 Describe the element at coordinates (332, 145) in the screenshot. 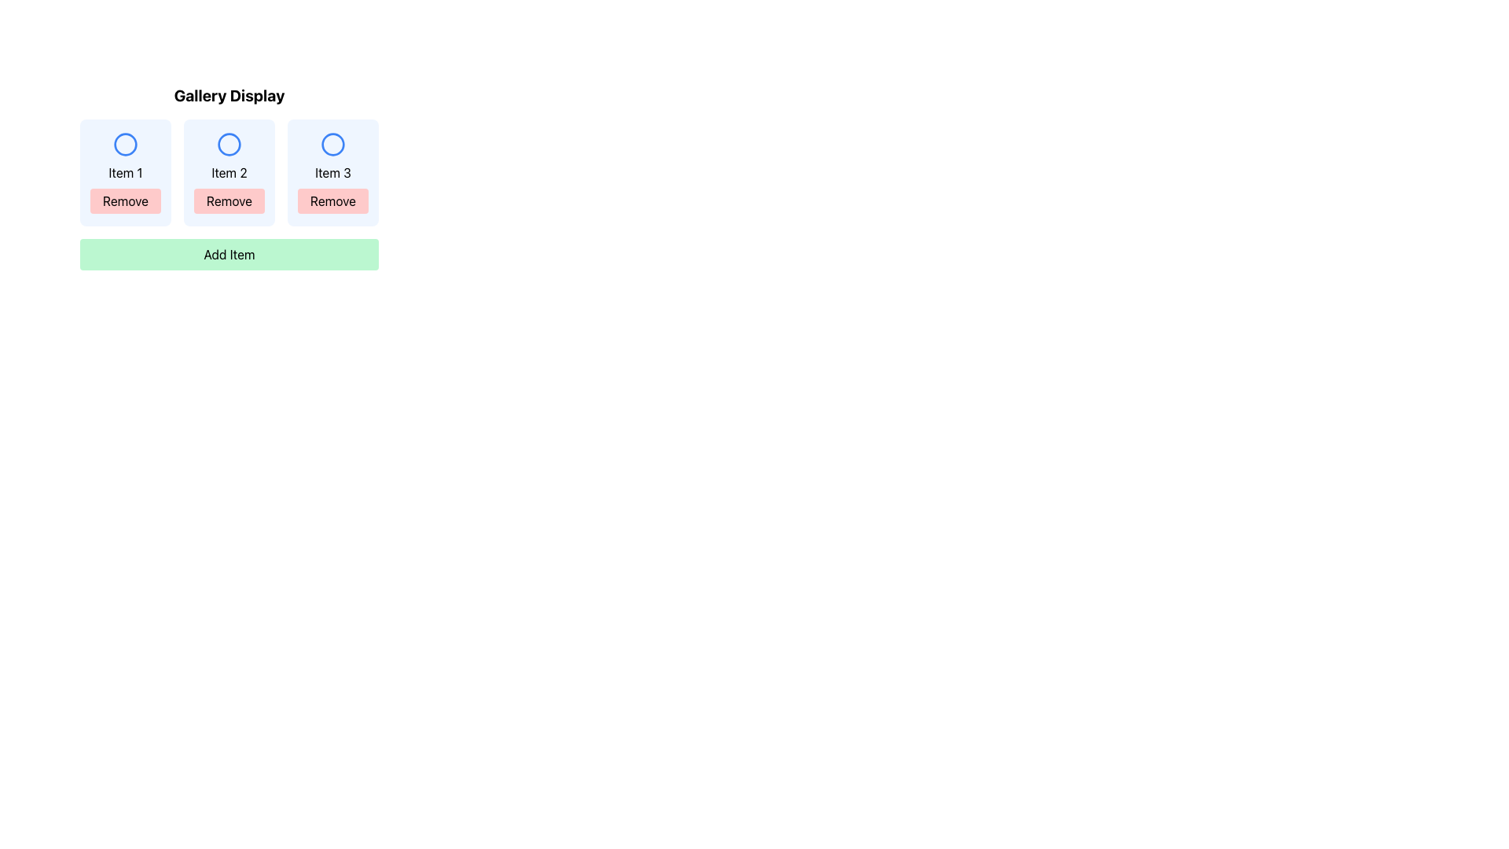

I see `the circular indicator located in the third item of the gallery display, which signifies an active or selected state` at that location.